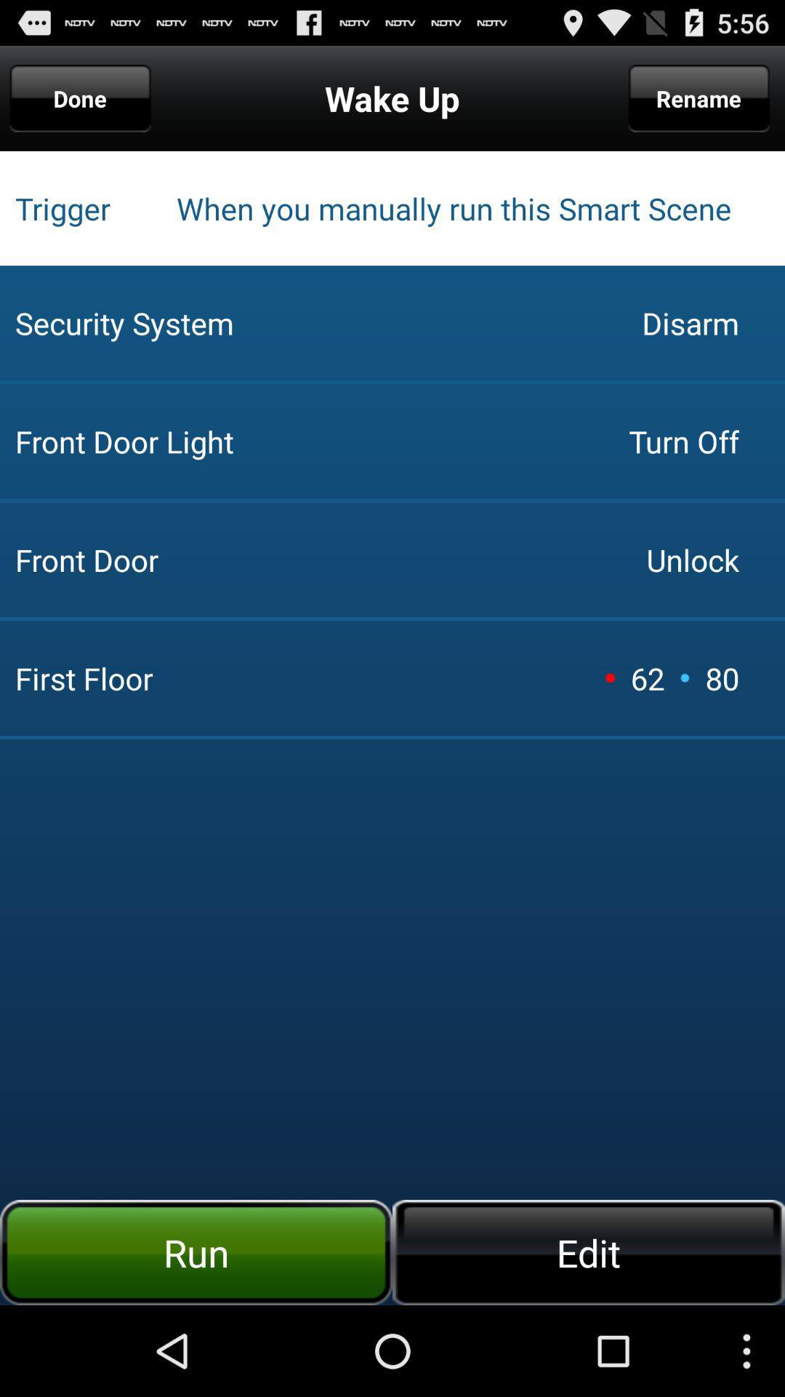  Describe the element at coordinates (685, 677) in the screenshot. I see `icon above edit button` at that location.